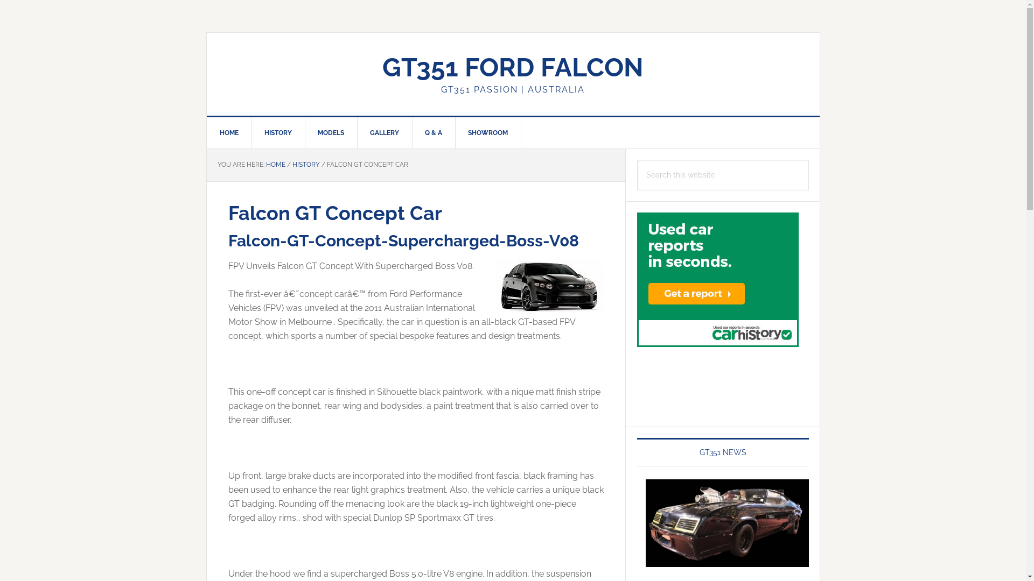  Describe the element at coordinates (809, 159) in the screenshot. I see `'Search'` at that location.